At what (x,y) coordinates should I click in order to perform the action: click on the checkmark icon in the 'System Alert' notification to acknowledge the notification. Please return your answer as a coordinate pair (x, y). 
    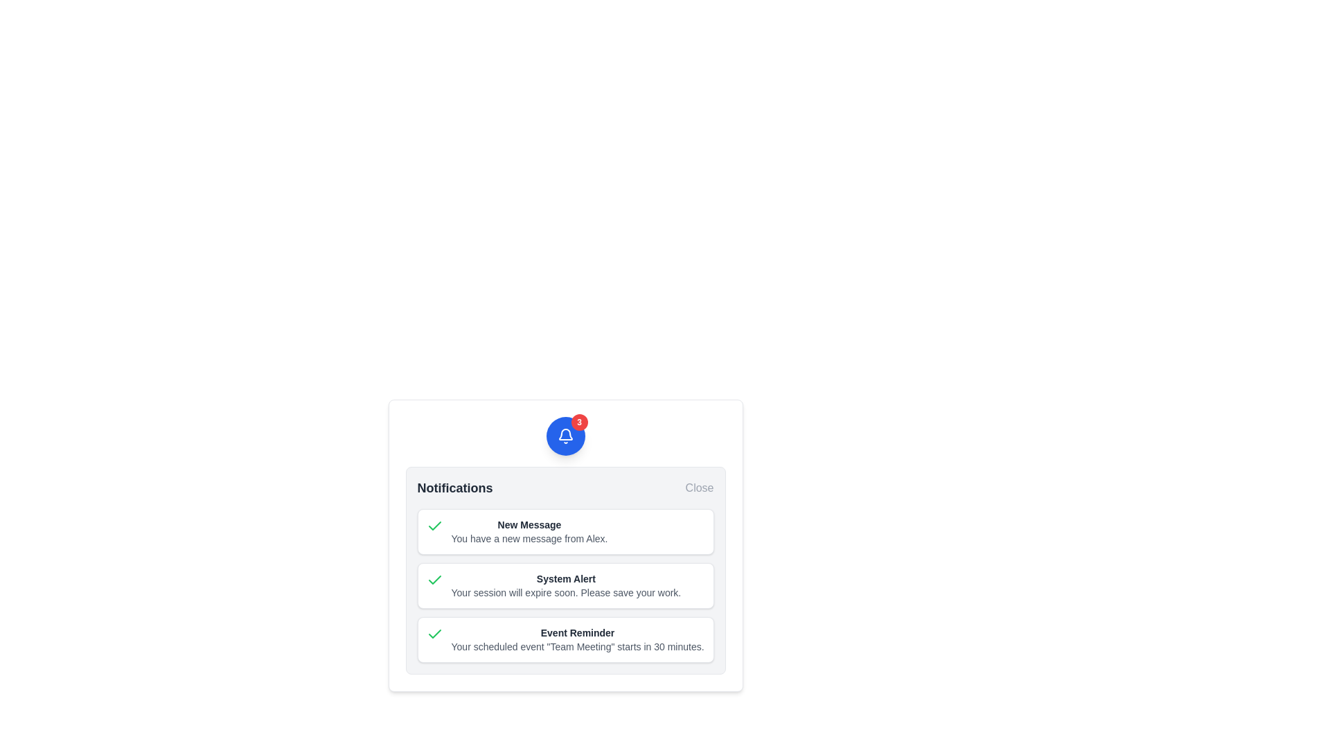
    Looking at the image, I should click on (434, 580).